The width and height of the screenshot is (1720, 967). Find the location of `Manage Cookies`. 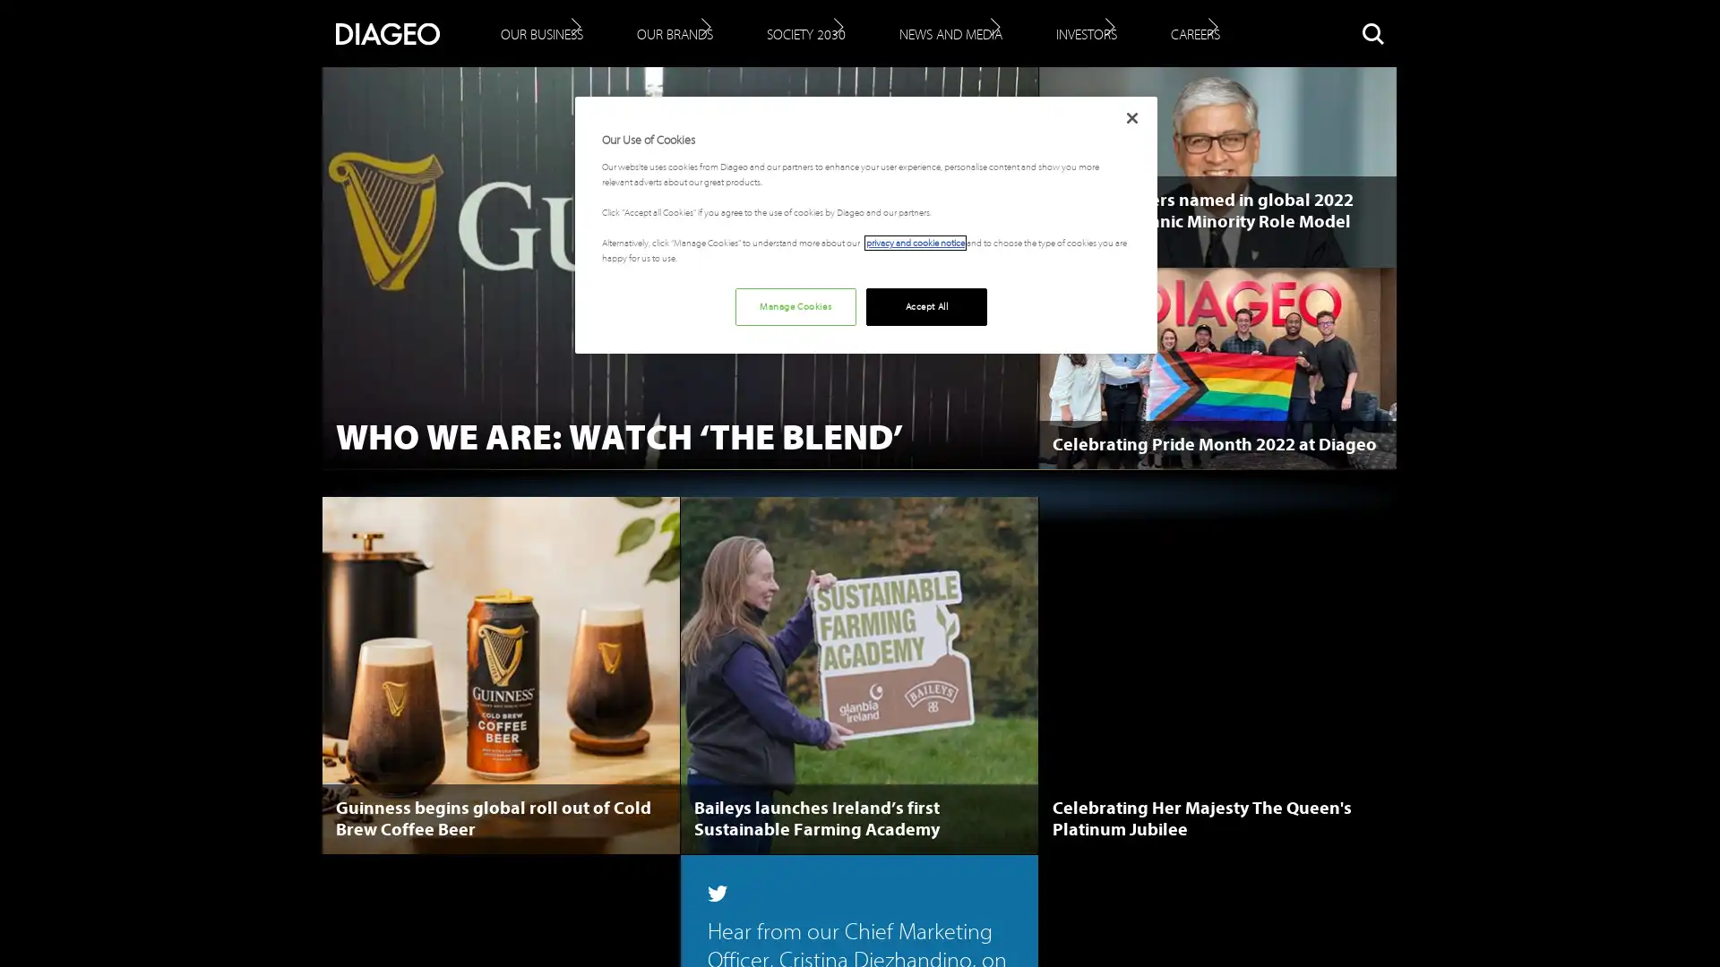

Manage Cookies is located at coordinates (794, 305).